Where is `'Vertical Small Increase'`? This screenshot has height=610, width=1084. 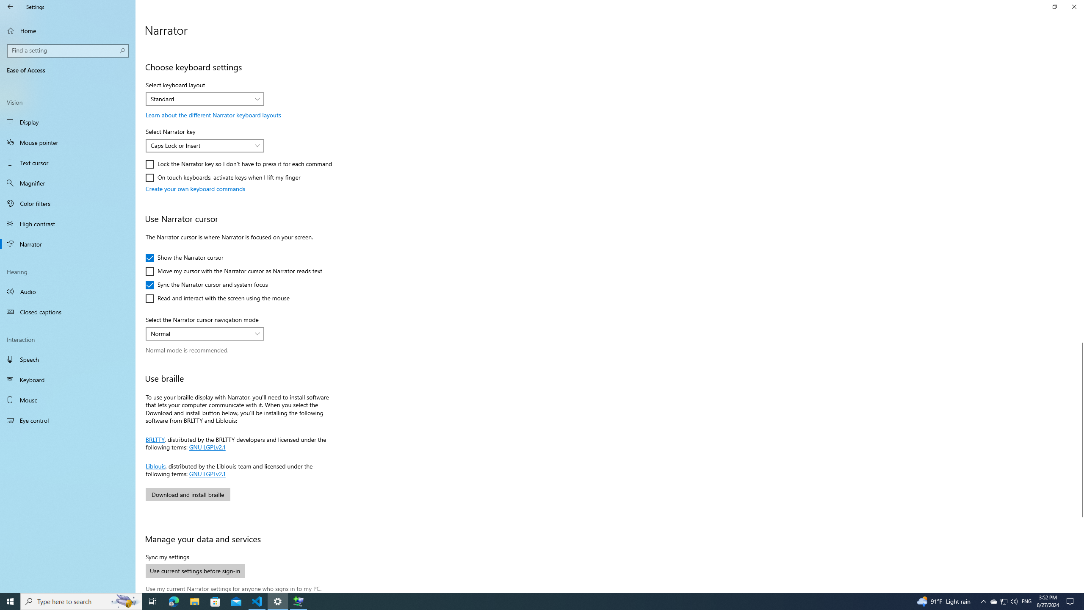 'Vertical Small Increase' is located at coordinates (1080, 589).